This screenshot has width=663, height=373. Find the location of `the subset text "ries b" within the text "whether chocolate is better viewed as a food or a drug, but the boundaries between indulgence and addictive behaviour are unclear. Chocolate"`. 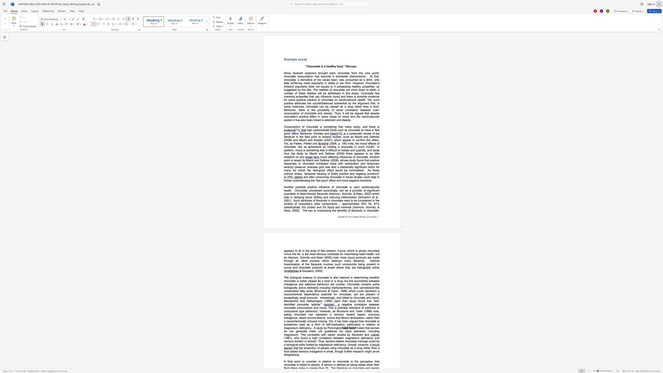

the subset text "ries b" within the text "whether chocolate is better viewed as a food or a drug, but the boundaries between indulgence and addictive behaviour are unclear. Chocolate" is located at coordinates (363, 281).